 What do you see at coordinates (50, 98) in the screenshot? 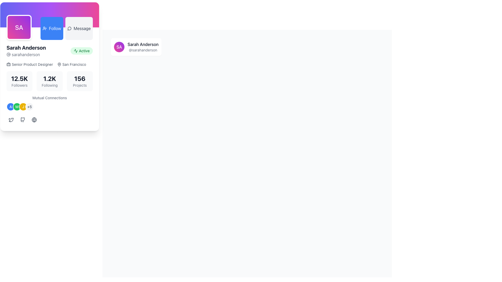
I see `the non-interactive text label that provides context for the mutual connection information, located above the circular avatar icons and below the numeric statistics` at bounding box center [50, 98].